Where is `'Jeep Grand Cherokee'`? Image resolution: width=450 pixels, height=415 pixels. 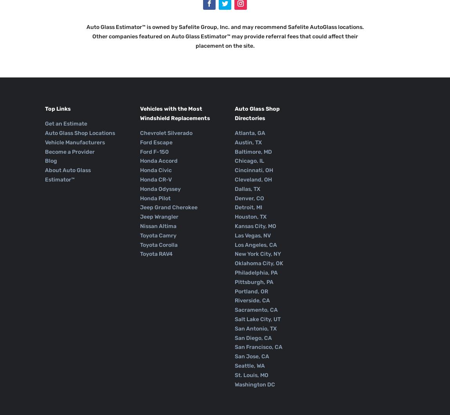
'Jeep Grand Cherokee' is located at coordinates (139, 207).